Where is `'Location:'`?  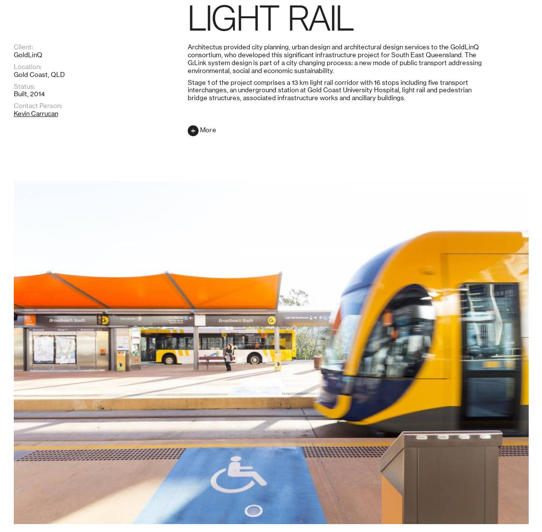 'Location:' is located at coordinates (27, 458).